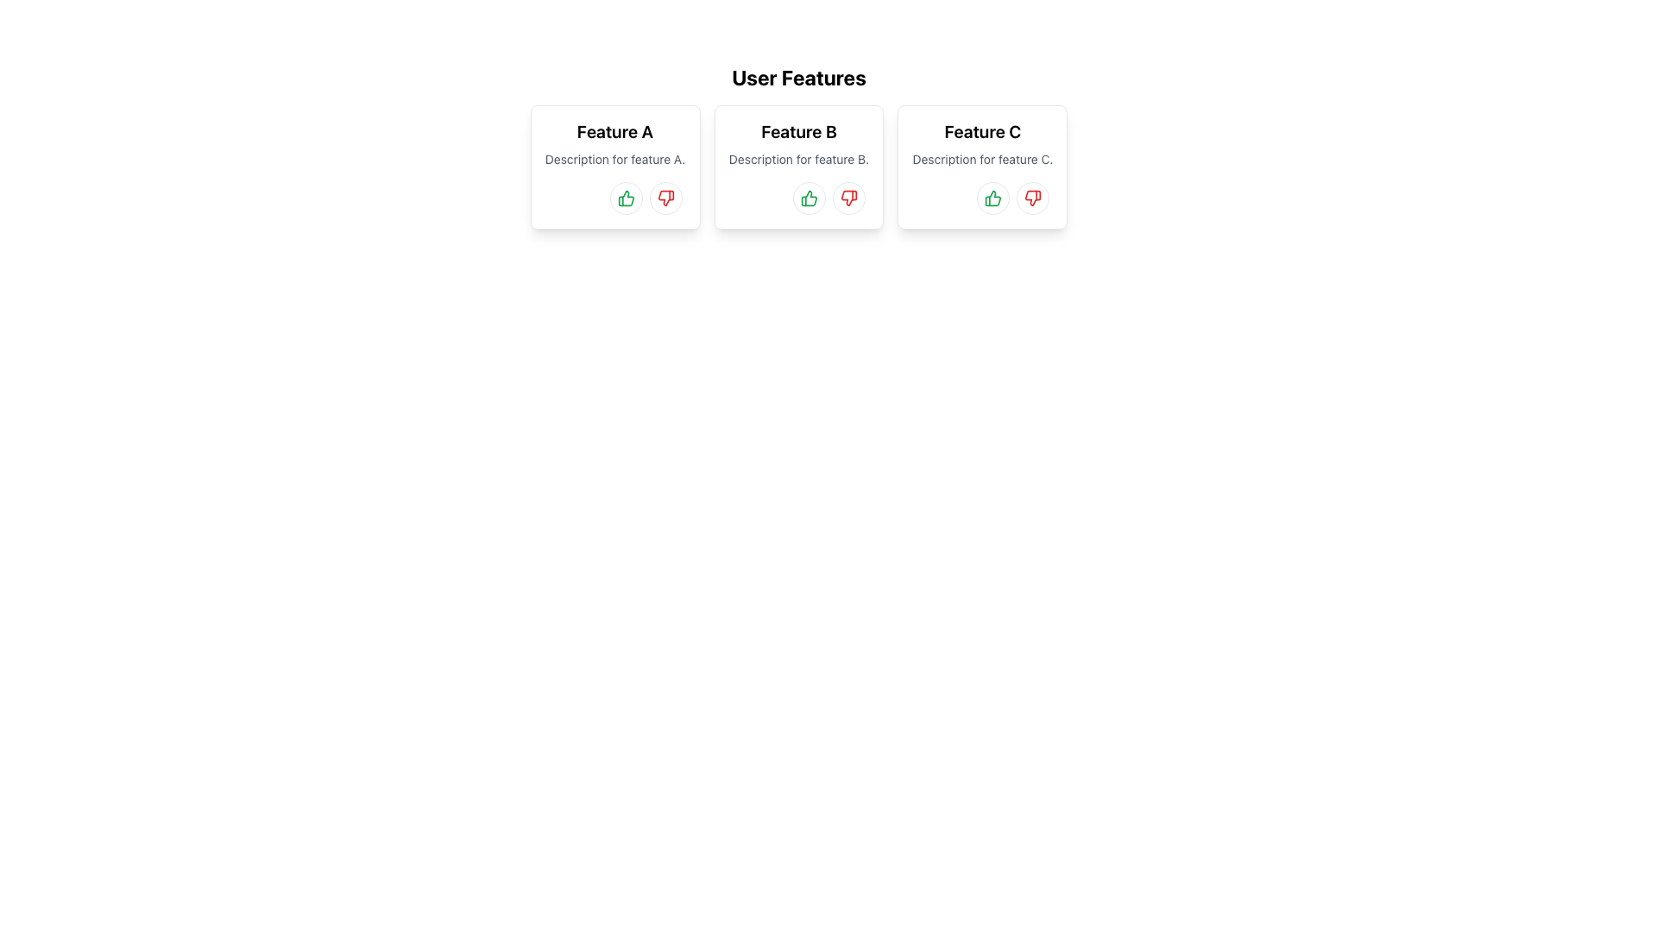  What do you see at coordinates (798, 198) in the screenshot?
I see `the green thumbs-up icon button within the 'Feature B' card` at bounding box center [798, 198].